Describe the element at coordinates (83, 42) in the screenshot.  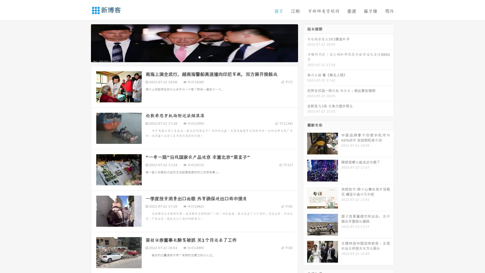
I see `Previous slide` at that location.